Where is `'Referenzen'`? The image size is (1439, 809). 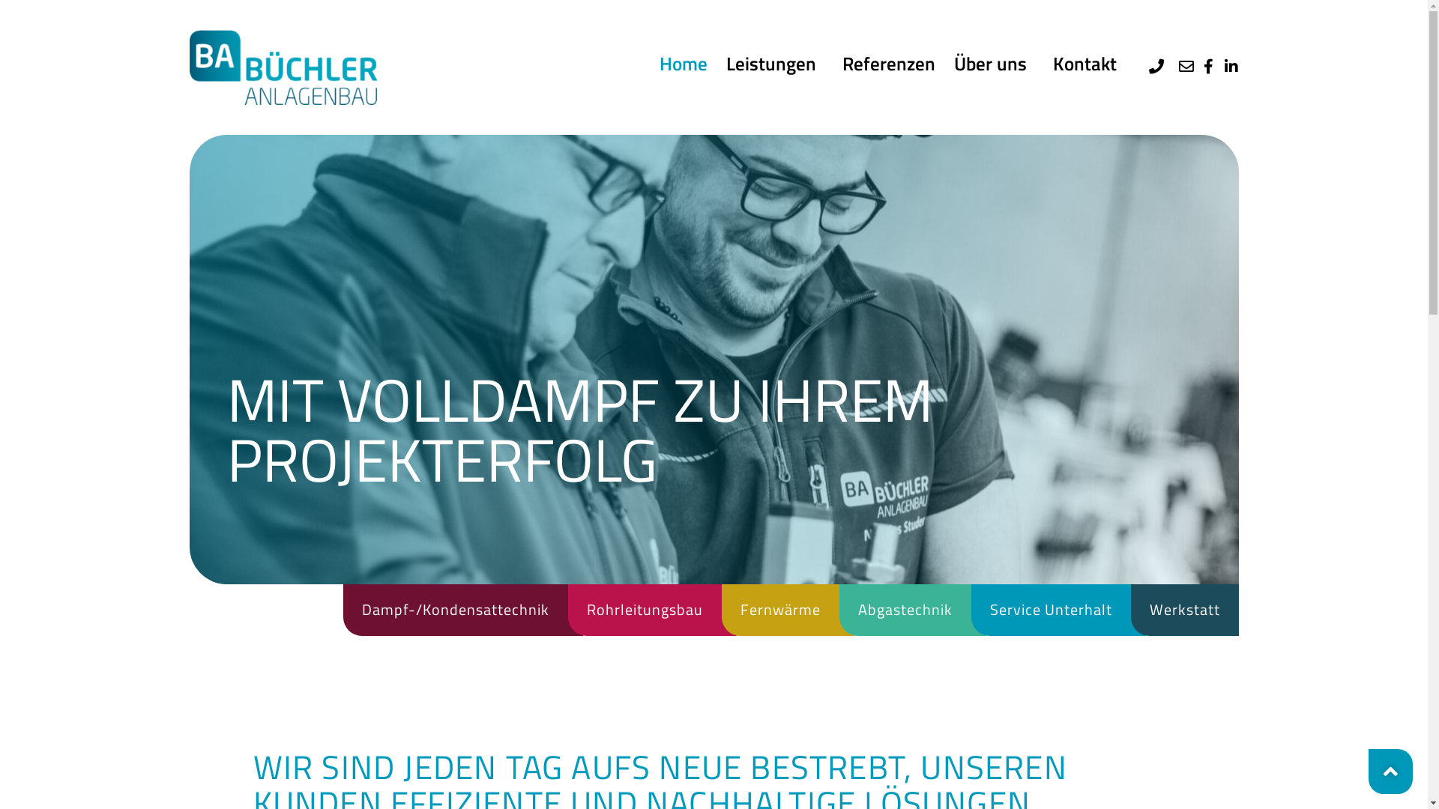
'Referenzen' is located at coordinates (888, 63).